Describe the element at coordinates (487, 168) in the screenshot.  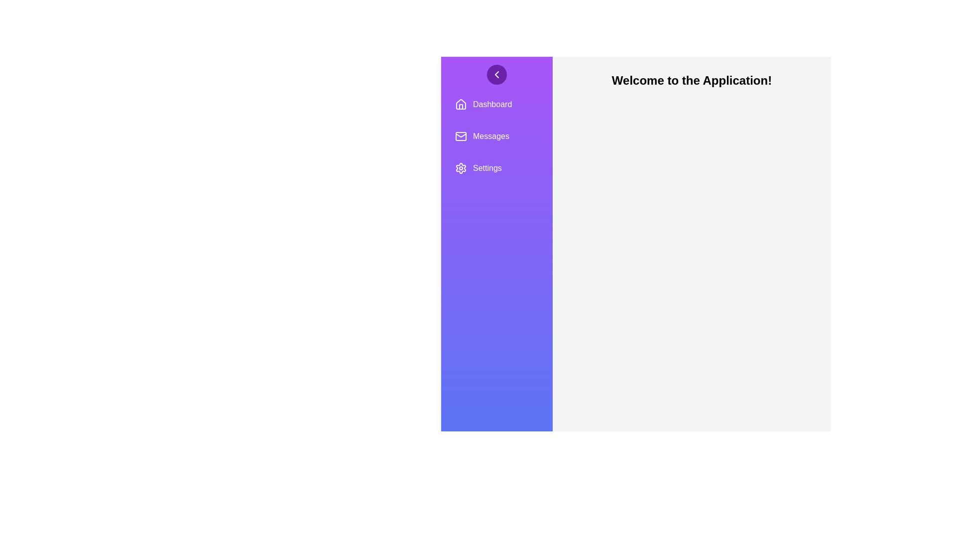
I see `the 'Settings' text label in the vertical navigation bar, which is styled in white against a purple background and located between the 'Messages' button and the bottom edge of the navigation bar` at that location.